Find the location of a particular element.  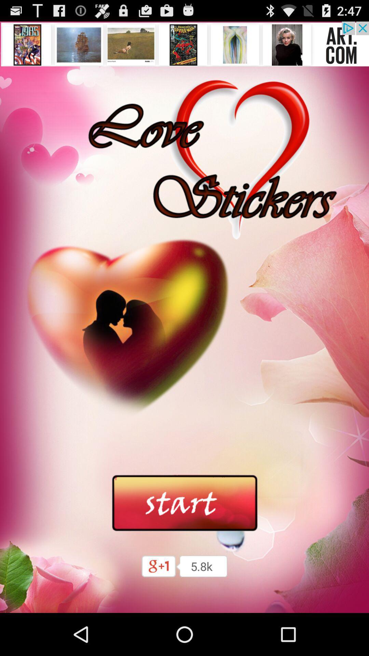

the date_range icon is located at coordinates (184, 538).